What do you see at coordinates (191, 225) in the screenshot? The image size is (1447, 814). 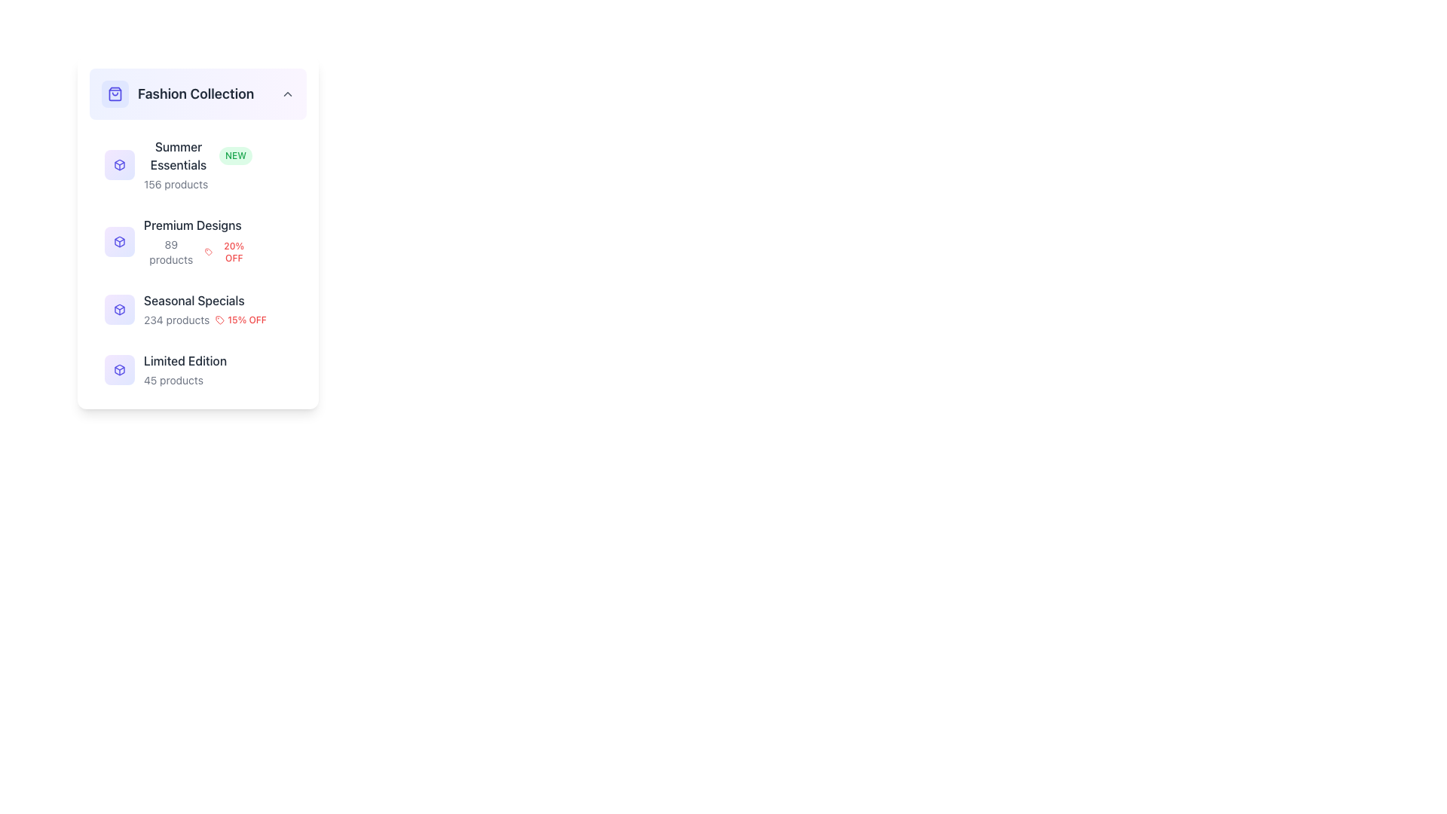 I see `the 'Premium Designs' text label in the vertical sidebar menu, which is positioned under 'Summer Essentials' and above 'Seasonal Specials' in the 'Fashion Collection' group` at bounding box center [191, 225].